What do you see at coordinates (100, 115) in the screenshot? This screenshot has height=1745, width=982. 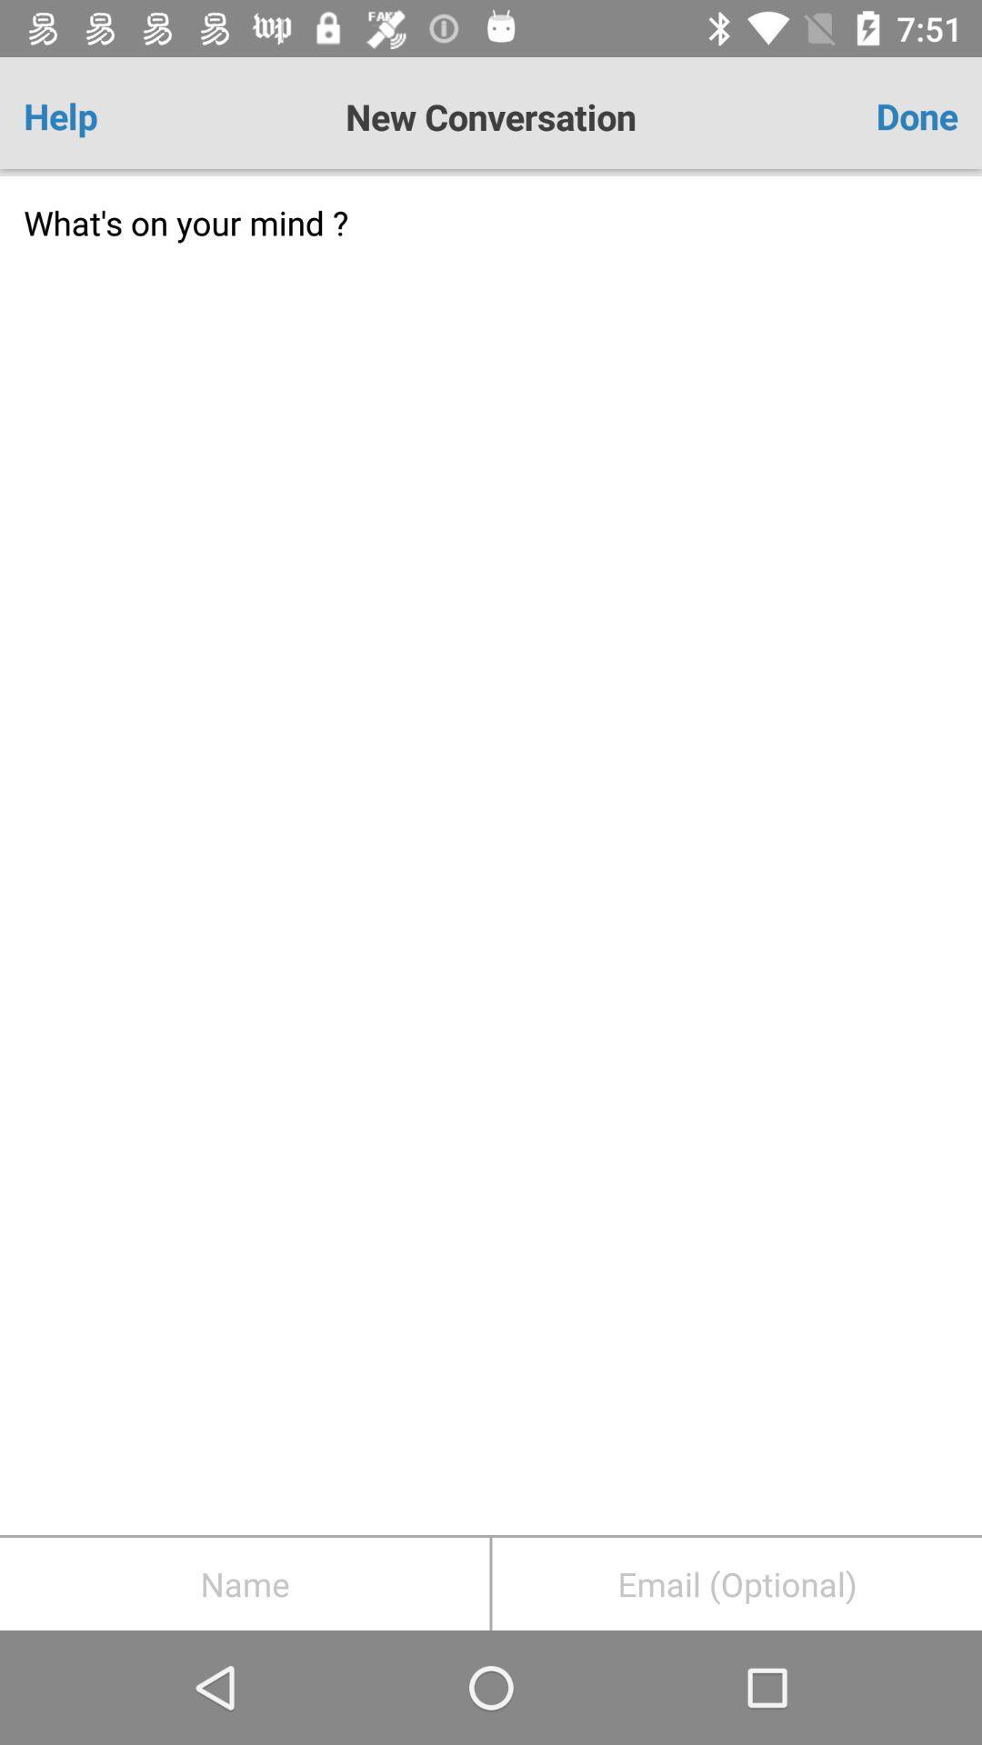 I see `help` at bounding box center [100, 115].